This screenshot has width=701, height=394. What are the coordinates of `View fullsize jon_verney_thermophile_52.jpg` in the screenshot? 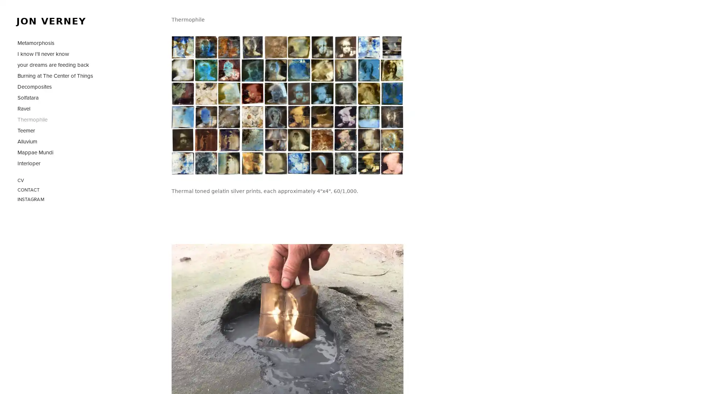 It's located at (183, 140).